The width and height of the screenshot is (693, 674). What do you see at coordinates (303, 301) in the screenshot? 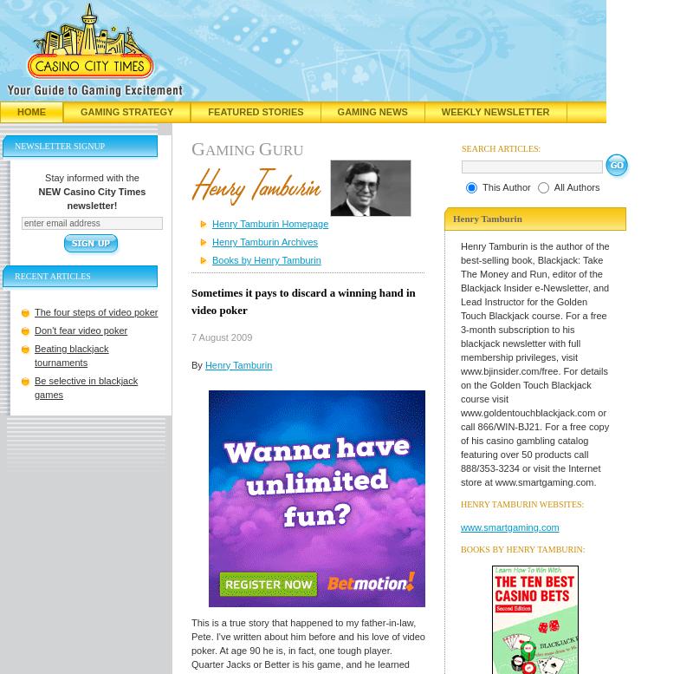
I see `'Sometimes it pays to discard a winning hand in video poker'` at bounding box center [303, 301].